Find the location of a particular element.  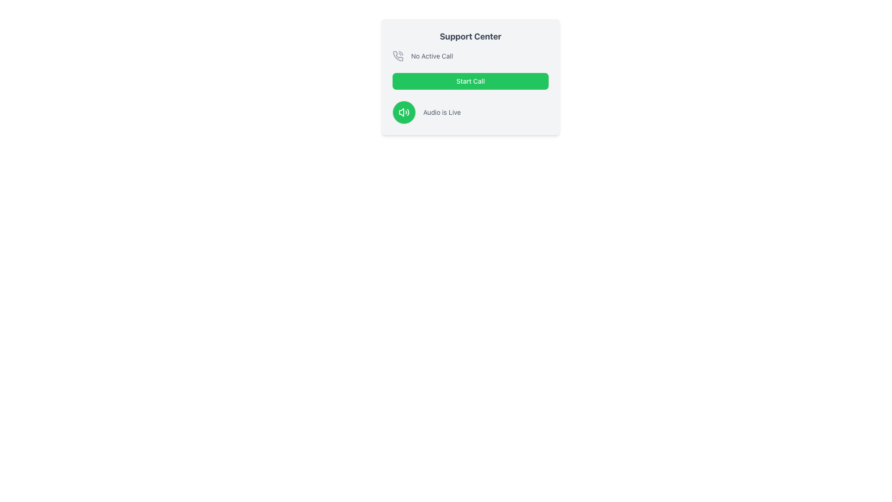

the 'No Active Call' status icon located to the left of the 'No Active Call' text within the 'Support Center' card layout is located at coordinates (398, 56).